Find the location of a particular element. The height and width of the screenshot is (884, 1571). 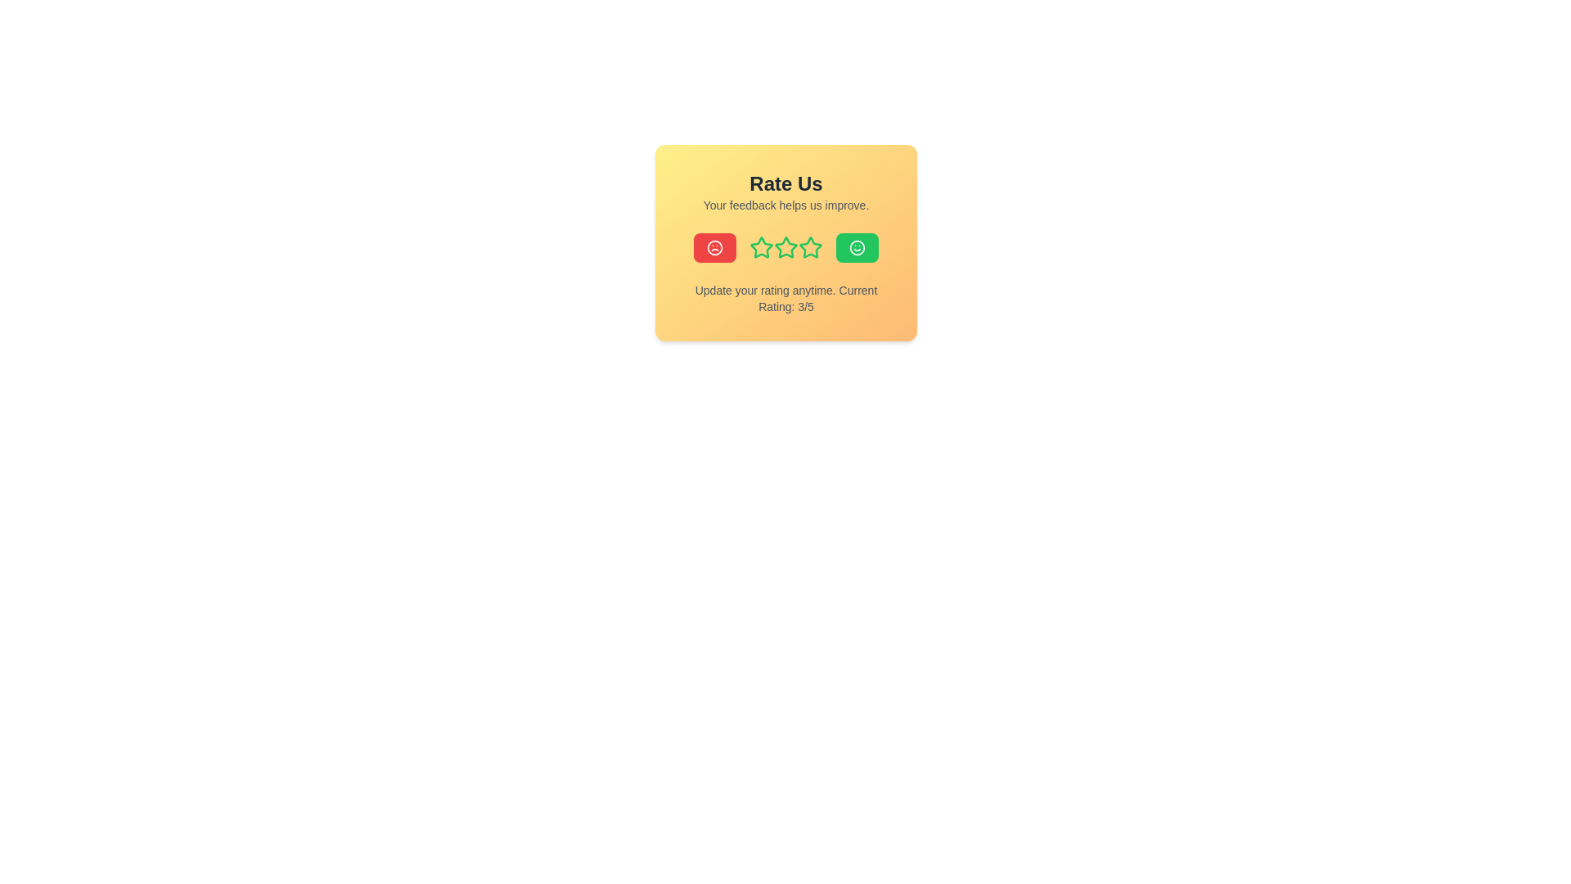

the third star icon in the rating panel is located at coordinates (785, 247).